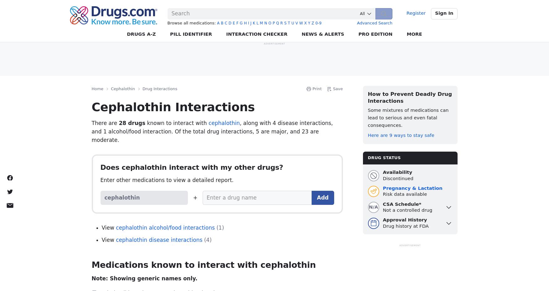 The width and height of the screenshot is (549, 291). Describe the element at coordinates (268, 23) in the screenshot. I see `'o'` at that location.